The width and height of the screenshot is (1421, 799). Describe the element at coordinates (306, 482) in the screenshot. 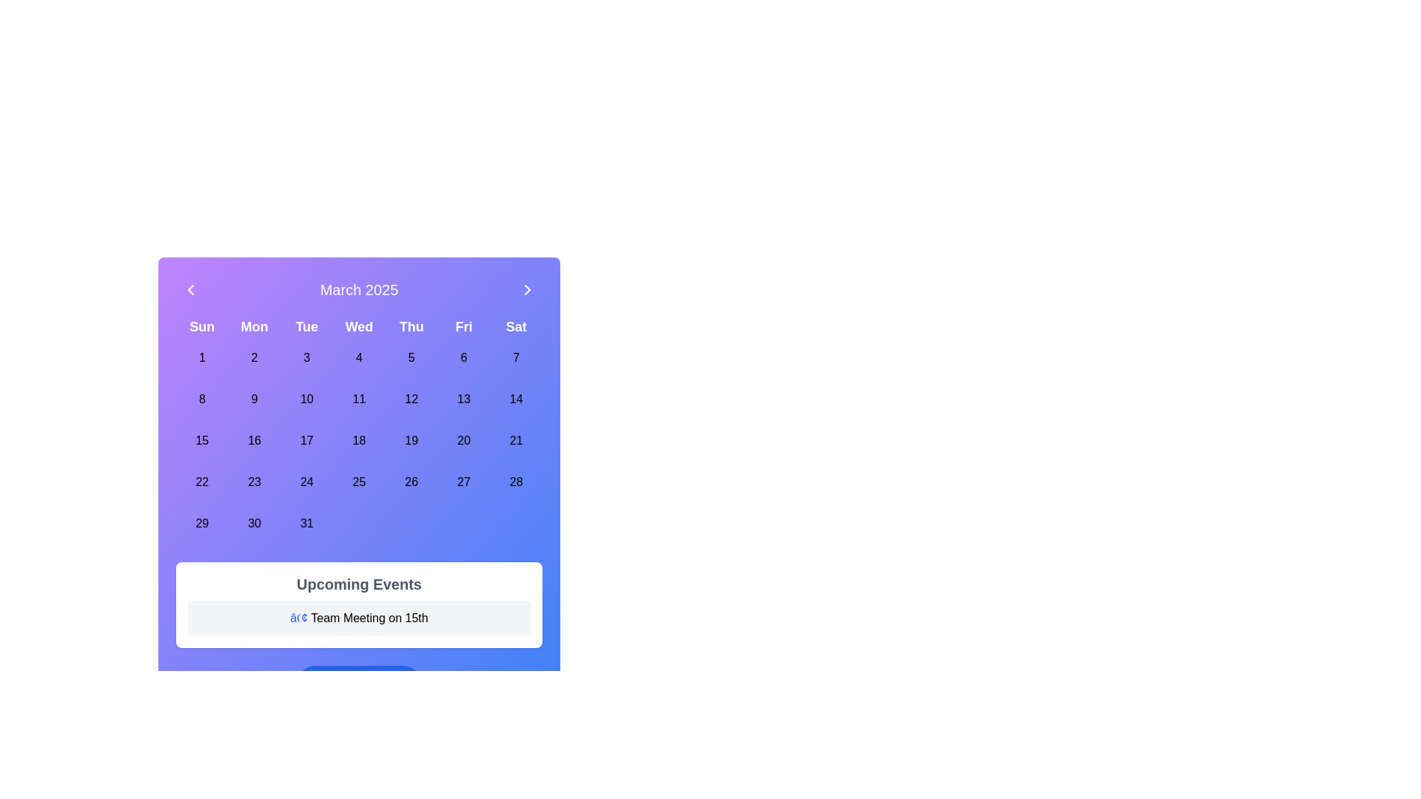

I see `the button representing the date in the calendar for March 2025, located under the 'Tue' label in the fifth row and fourth column` at that location.